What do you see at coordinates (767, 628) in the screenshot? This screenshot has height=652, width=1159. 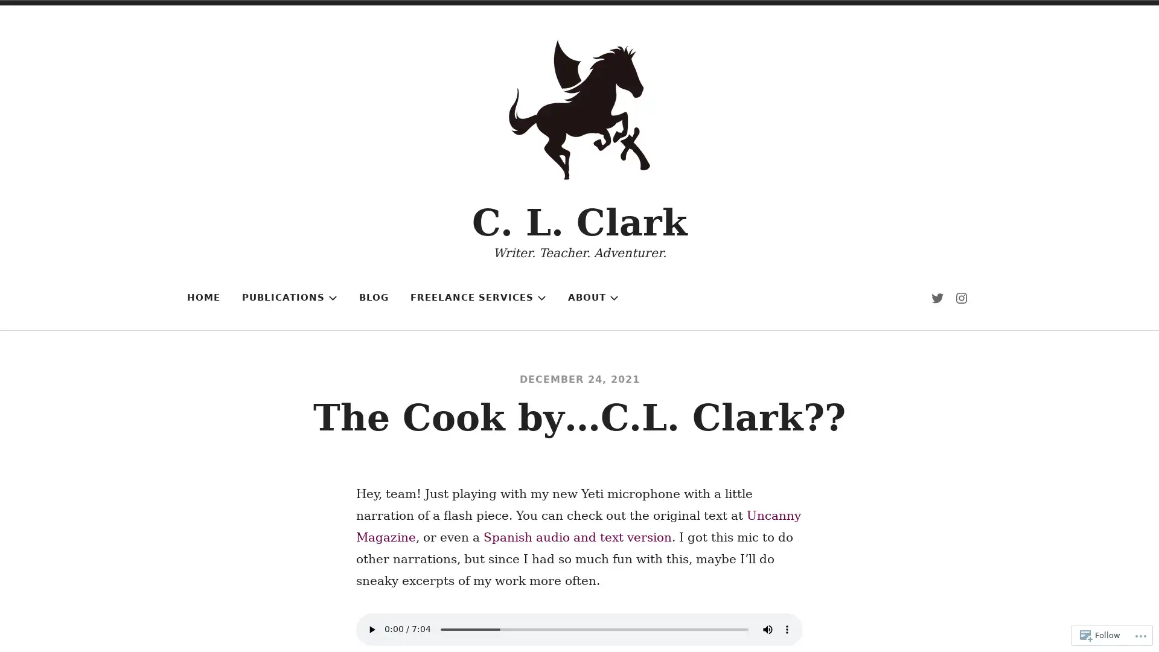 I see `mute` at bounding box center [767, 628].